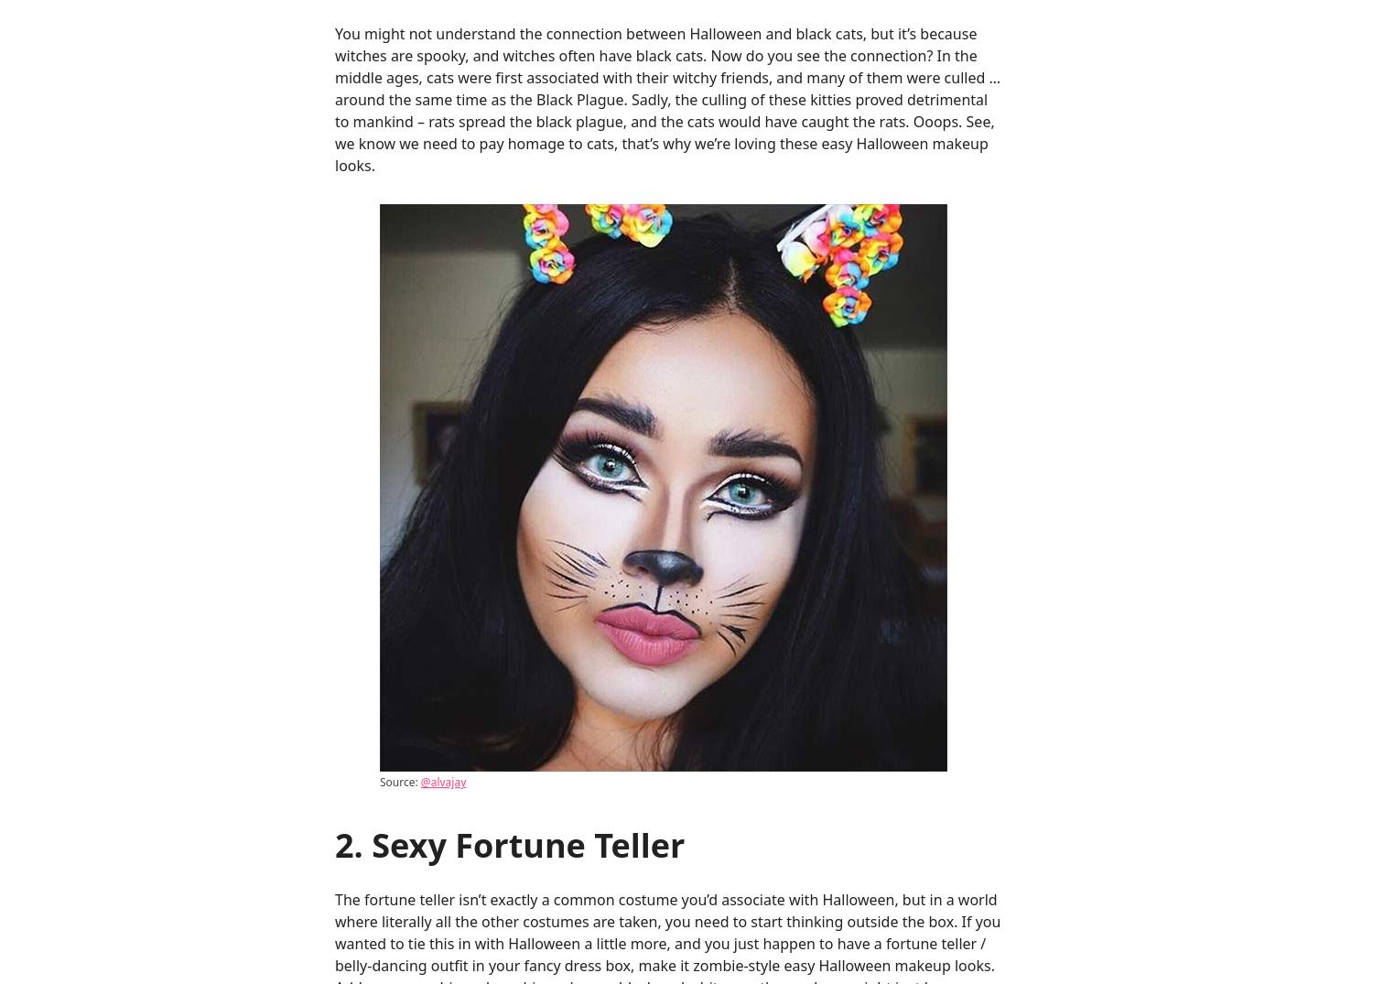  What do you see at coordinates (714, 315) in the screenshot?
I see `'Required fields are marked'` at bounding box center [714, 315].